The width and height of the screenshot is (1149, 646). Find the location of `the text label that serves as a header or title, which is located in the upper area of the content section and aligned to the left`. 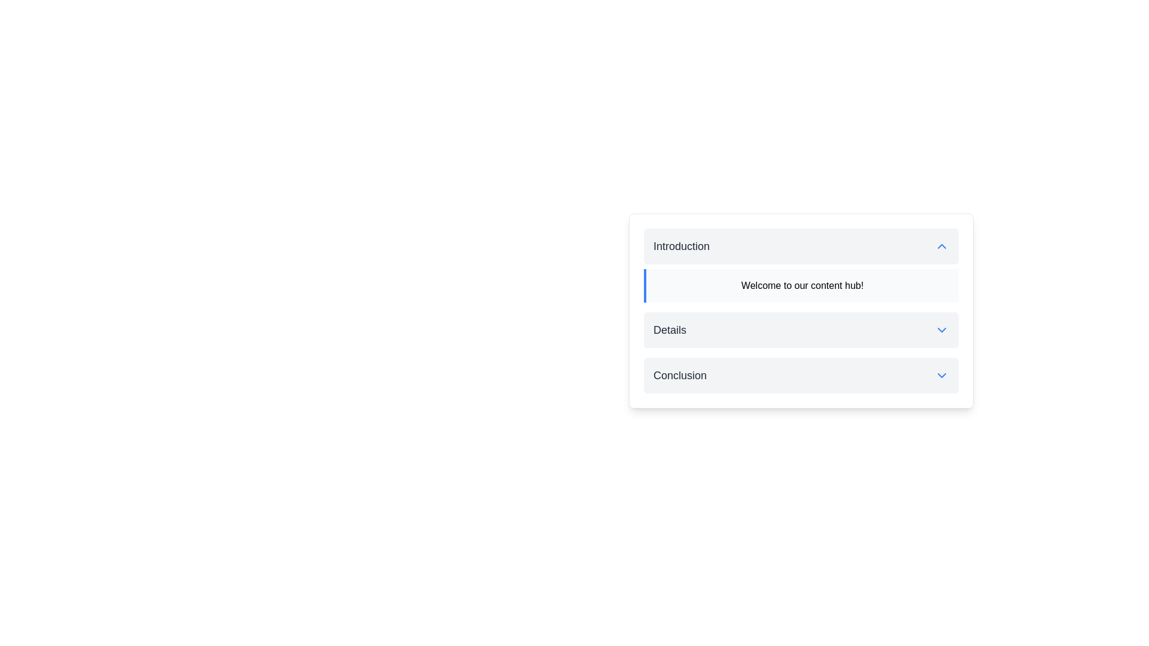

the text label that serves as a header or title, which is located in the upper area of the content section and aligned to the left is located at coordinates (681, 246).